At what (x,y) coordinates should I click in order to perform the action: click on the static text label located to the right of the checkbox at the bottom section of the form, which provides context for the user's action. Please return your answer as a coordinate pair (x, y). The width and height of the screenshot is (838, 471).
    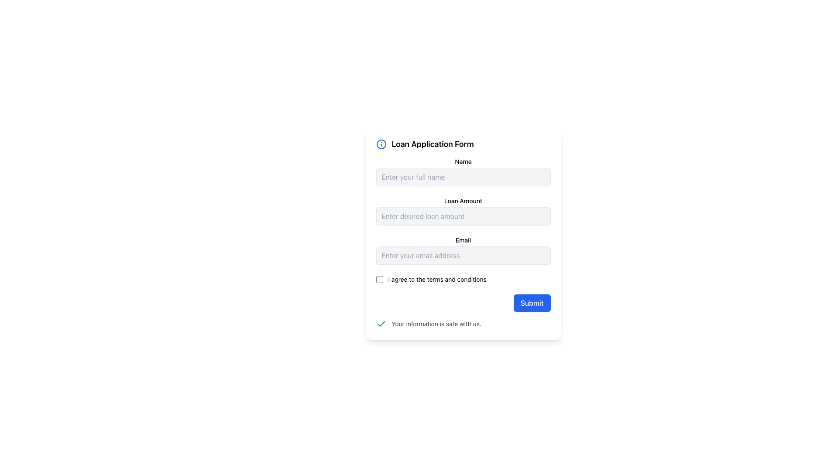
    Looking at the image, I should click on (437, 279).